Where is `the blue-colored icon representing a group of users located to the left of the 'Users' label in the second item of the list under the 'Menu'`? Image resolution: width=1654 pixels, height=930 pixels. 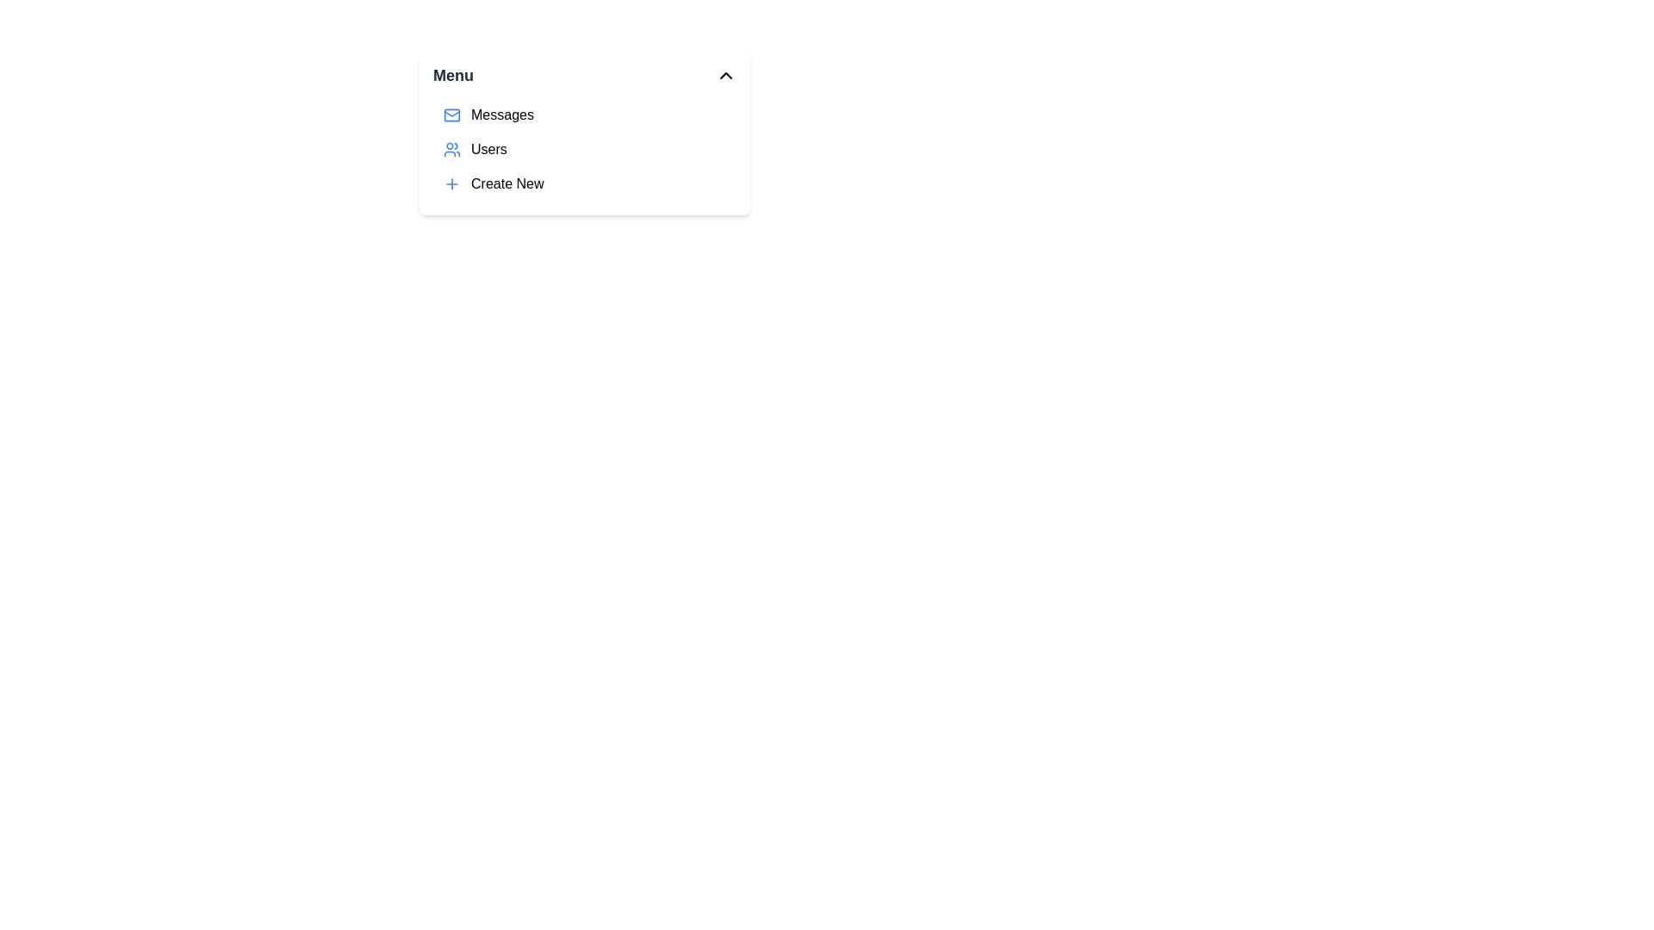
the blue-colored icon representing a group of users located to the left of the 'Users' label in the second item of the list under the 'Menu' is located at coordinates (451, 148).